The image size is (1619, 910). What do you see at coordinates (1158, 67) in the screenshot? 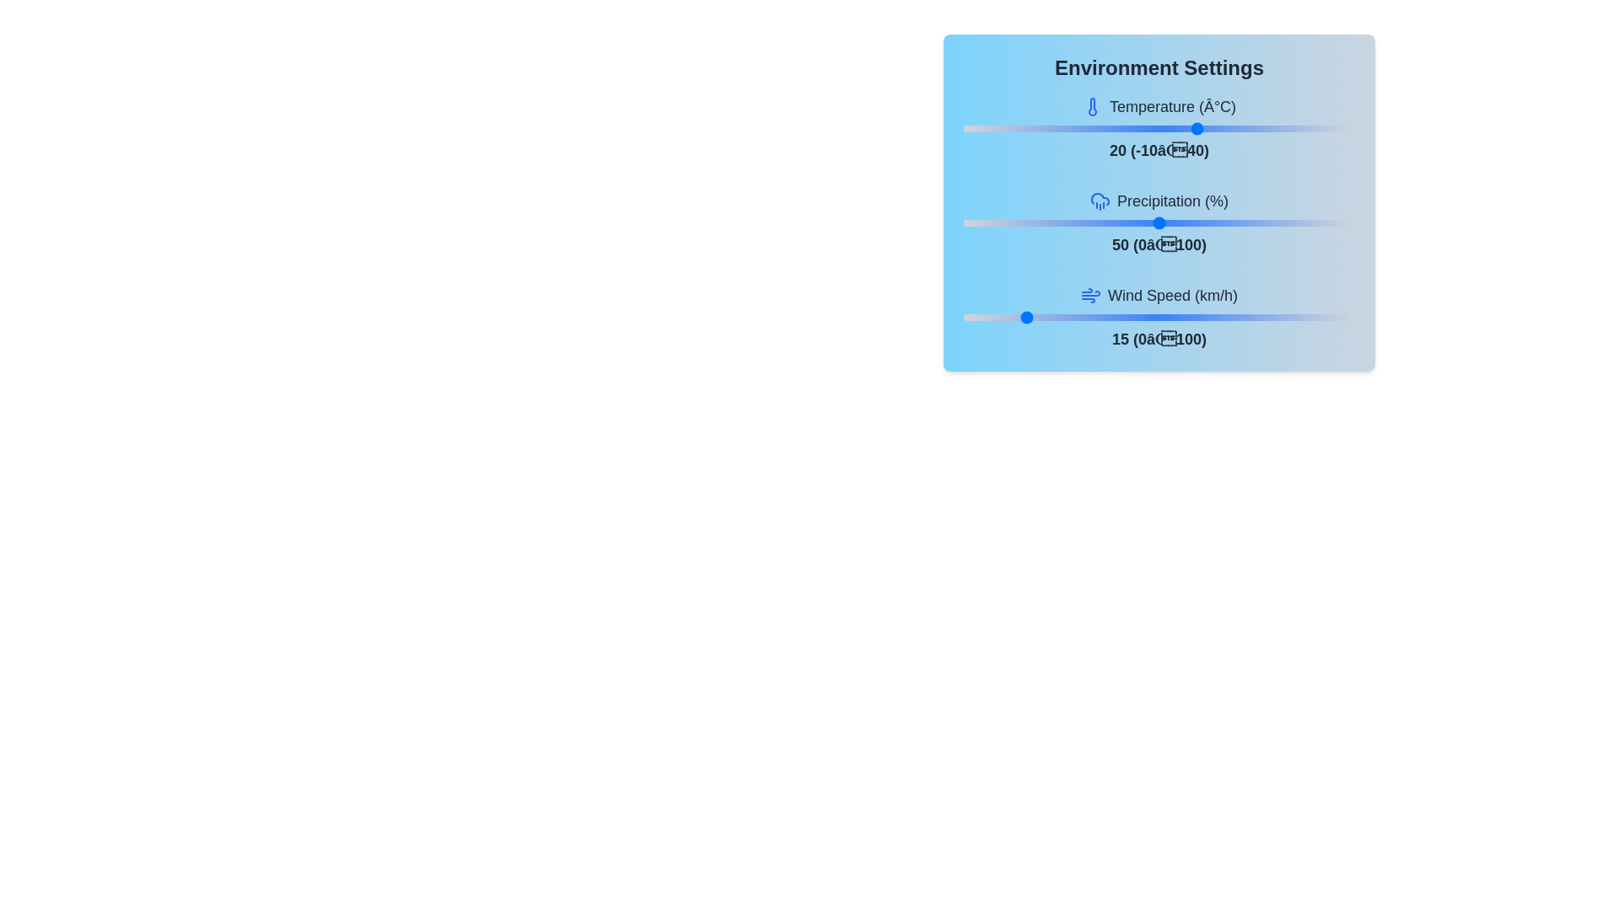
I see `the bold text label that reads 'Environment Settings', which is centrally aligned at the top of the card containing environment-related settings` at bounding box center [1158, 67].